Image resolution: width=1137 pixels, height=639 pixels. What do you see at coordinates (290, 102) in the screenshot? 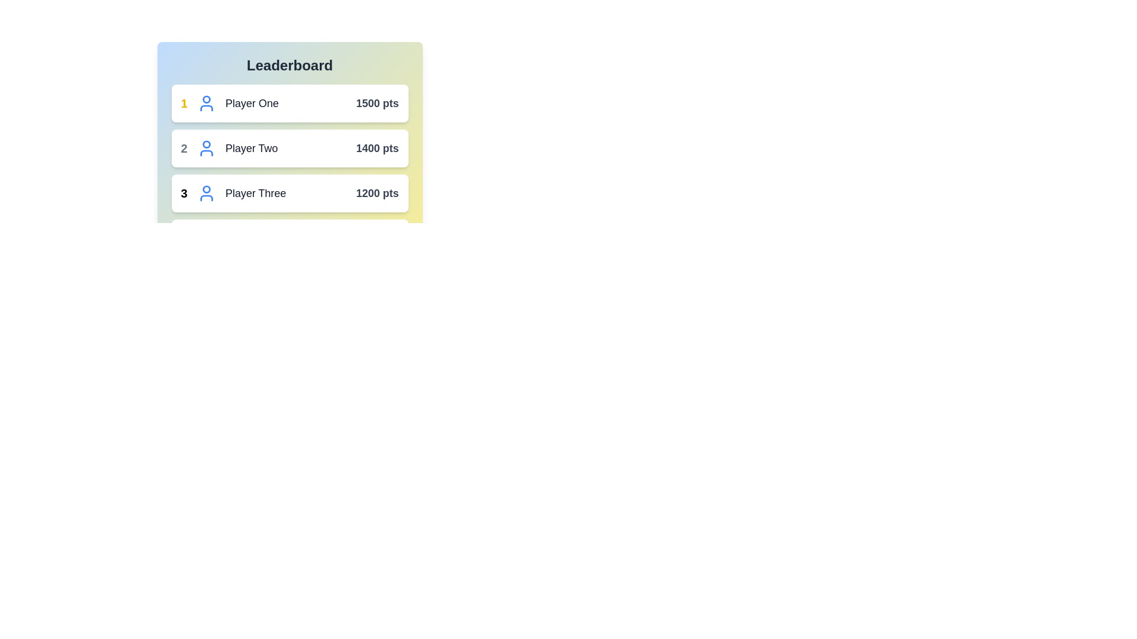
I see `the player entry for Player One to highlight it` at bounding box center [290, 102].